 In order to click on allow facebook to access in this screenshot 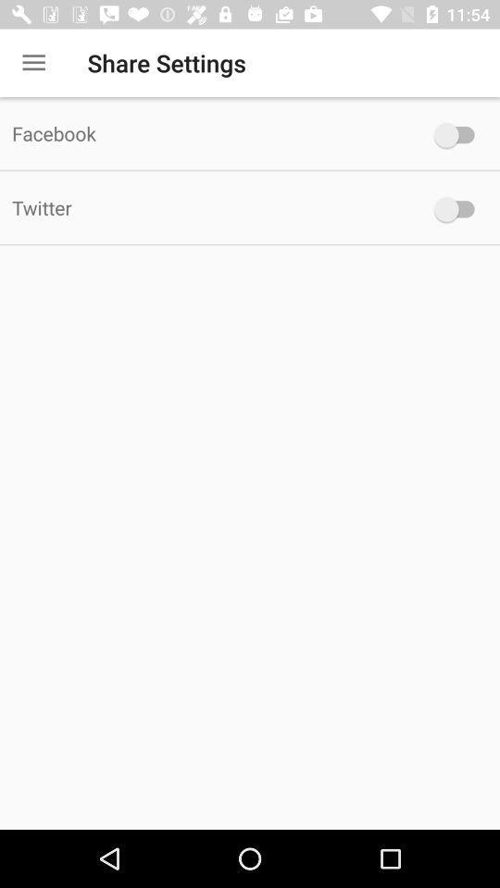, I will do `click(457, 134)`.